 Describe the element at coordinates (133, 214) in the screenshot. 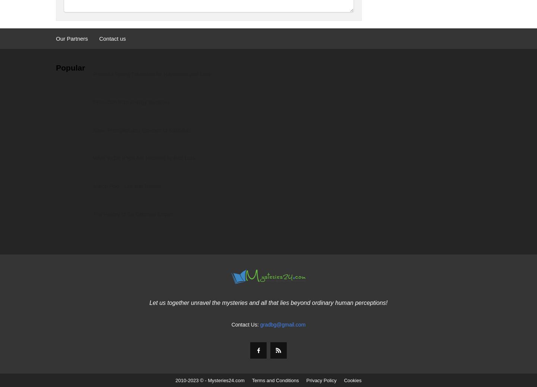

I see `'The History of the Ottoman Empire'` at that location.